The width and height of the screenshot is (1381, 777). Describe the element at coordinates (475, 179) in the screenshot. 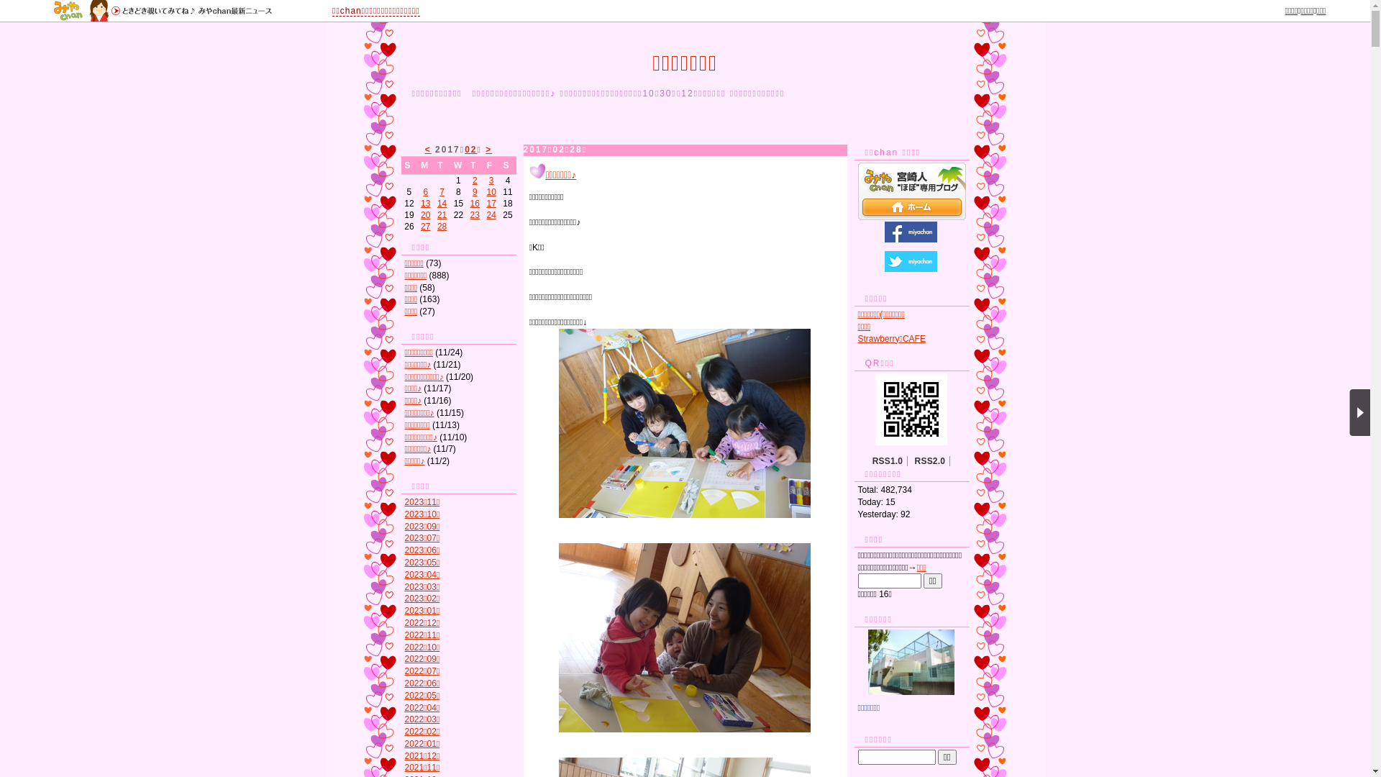

I see `'2'` at that location.